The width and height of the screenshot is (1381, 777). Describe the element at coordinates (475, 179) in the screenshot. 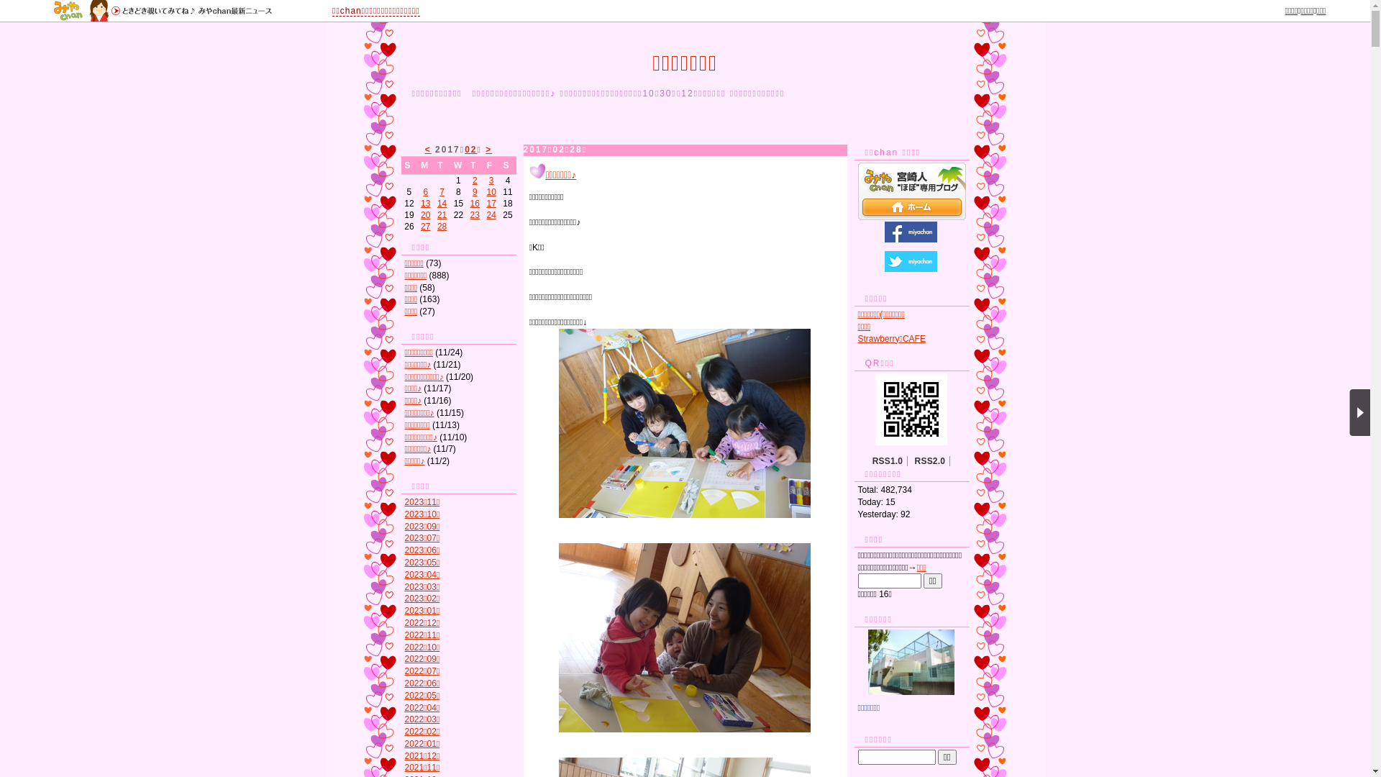

I see `'2'` at that location.